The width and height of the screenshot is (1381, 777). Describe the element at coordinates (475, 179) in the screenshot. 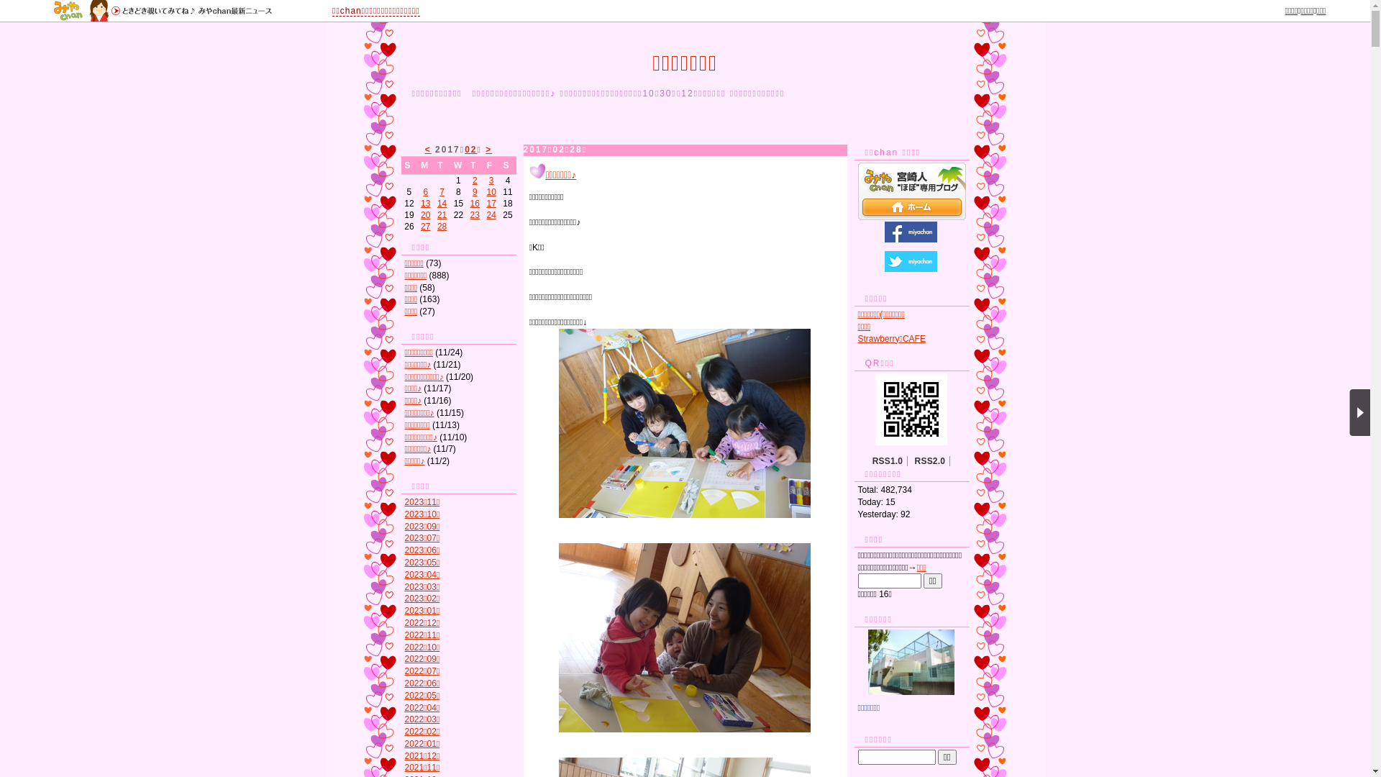

I see `'2'` at that location.